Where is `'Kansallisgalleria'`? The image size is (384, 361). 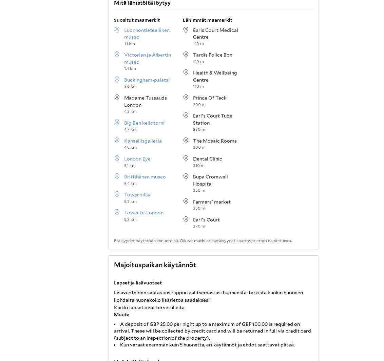
'Kansallisgalleria' is located at coordinates (142, 140).